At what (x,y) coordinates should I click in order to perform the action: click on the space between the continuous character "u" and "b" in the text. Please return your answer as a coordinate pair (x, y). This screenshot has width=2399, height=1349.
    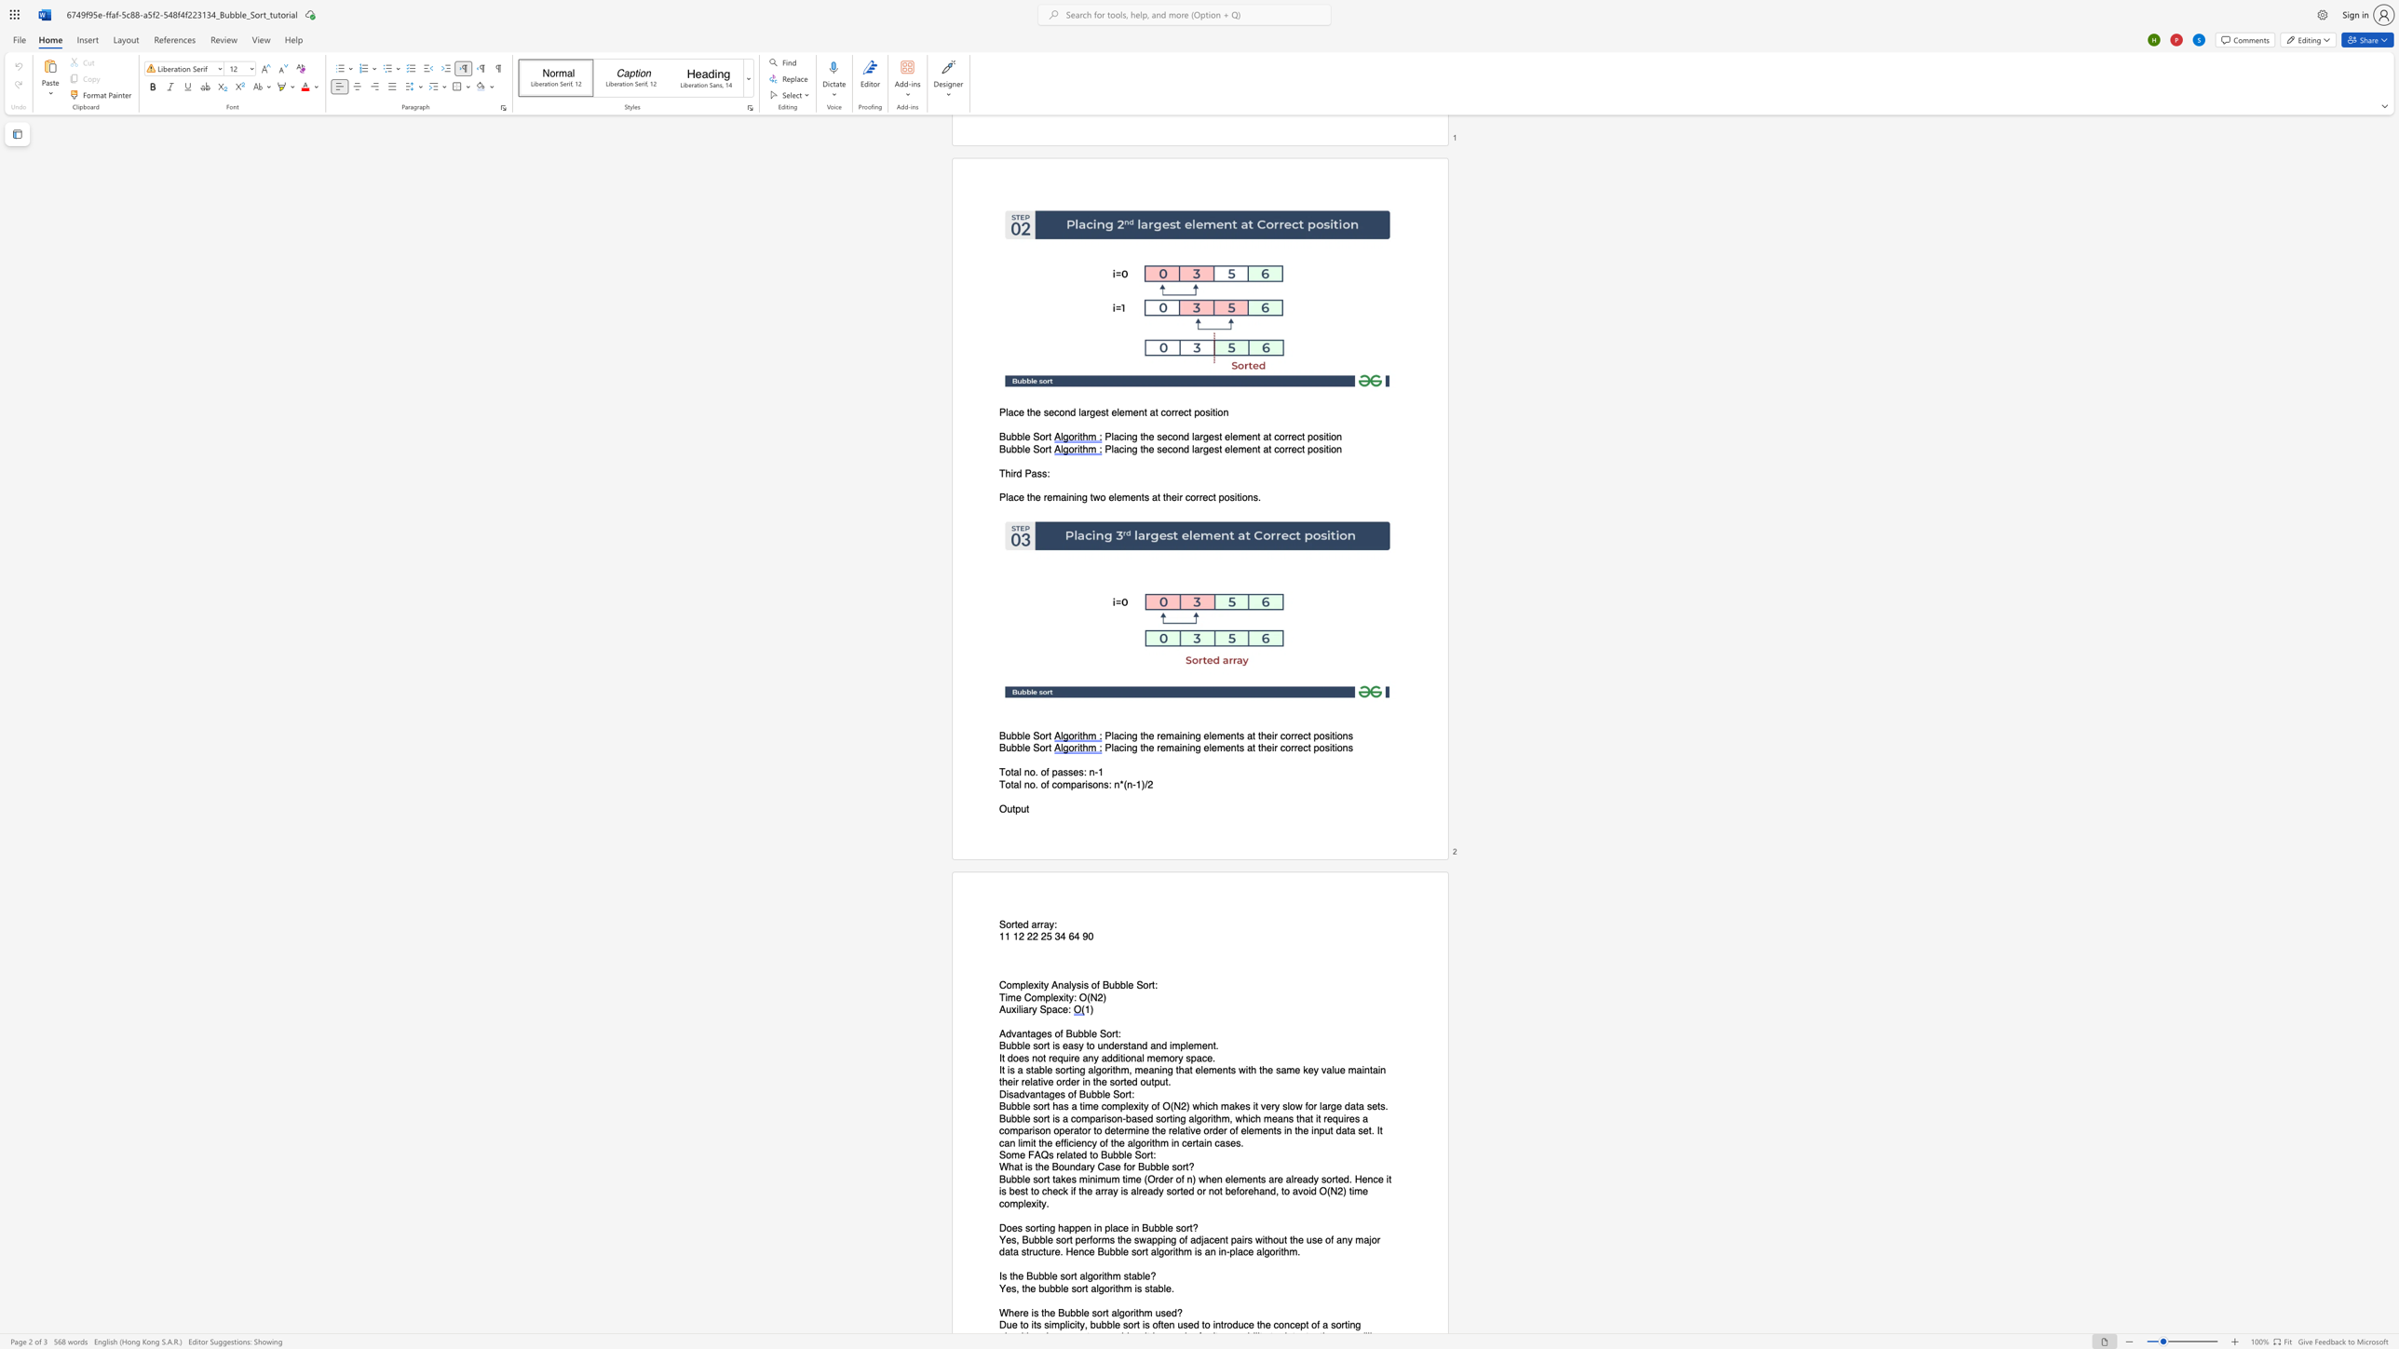
    Looking at the image, I should click on (1069, 1312).